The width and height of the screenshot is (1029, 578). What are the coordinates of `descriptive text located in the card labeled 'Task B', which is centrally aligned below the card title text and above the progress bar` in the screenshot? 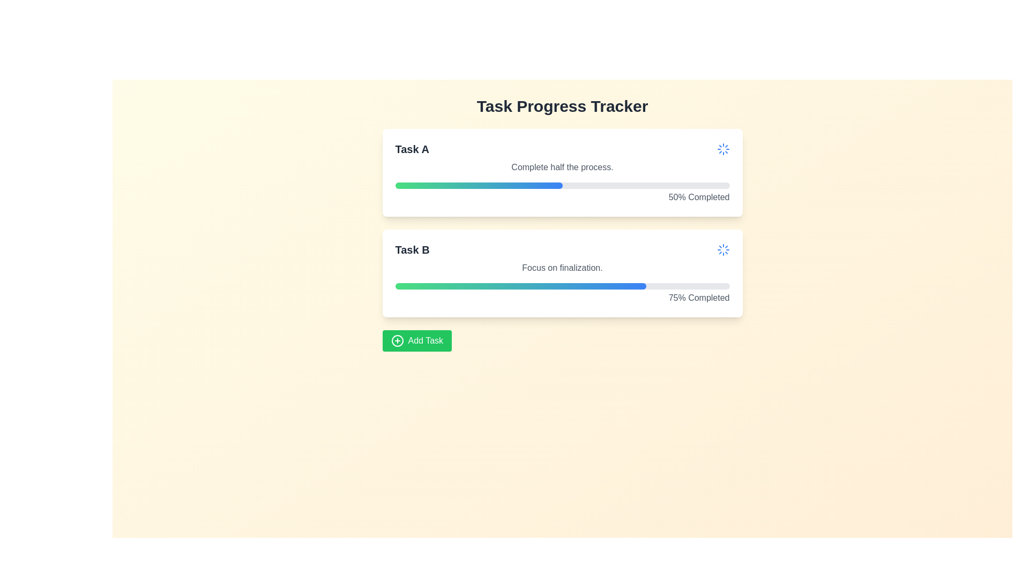 It's located at (562, 268).